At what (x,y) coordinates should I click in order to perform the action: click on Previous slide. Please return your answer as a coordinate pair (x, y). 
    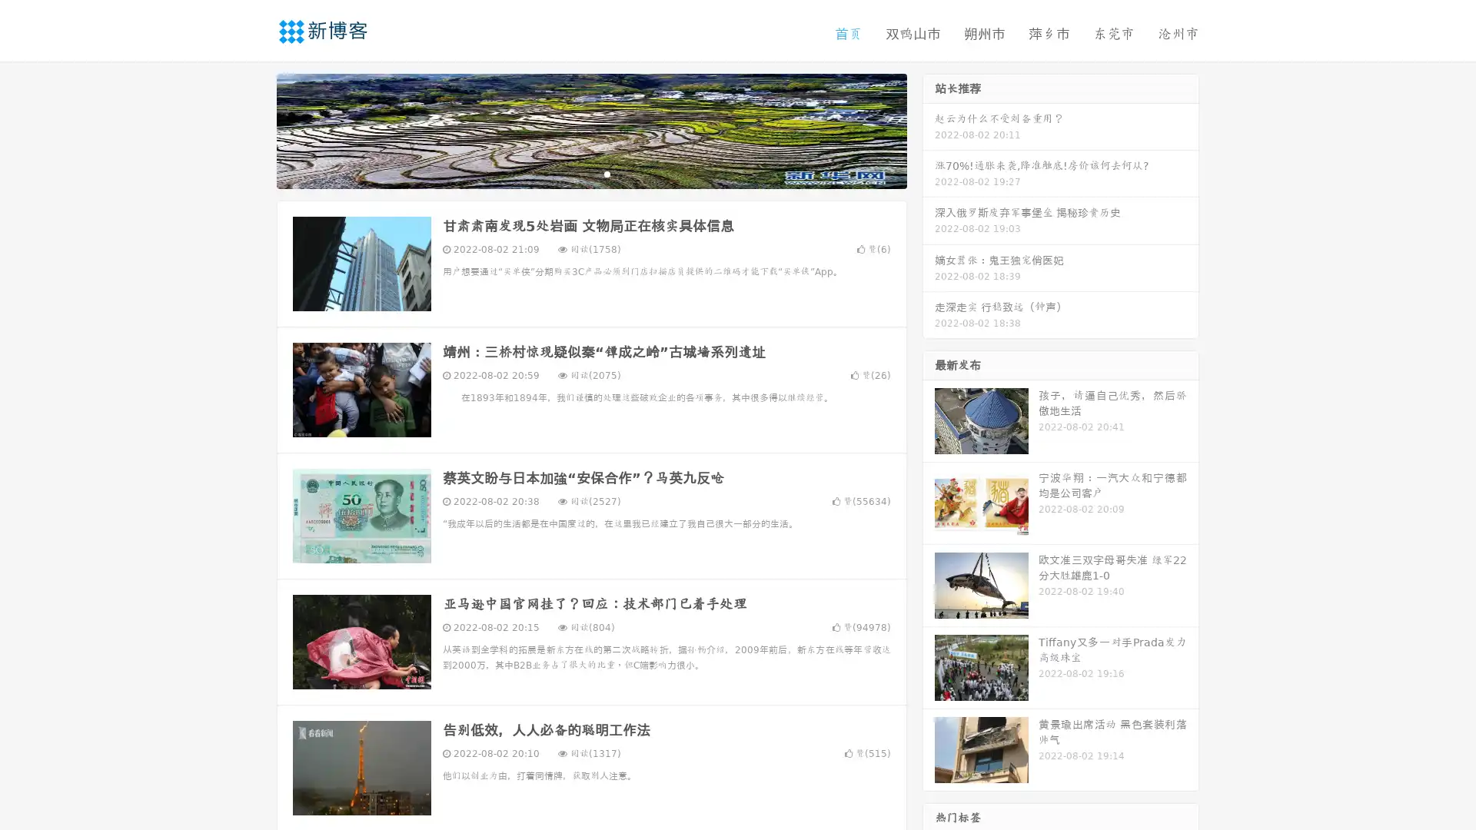
    Looking at the image, I should click on (254, 129).